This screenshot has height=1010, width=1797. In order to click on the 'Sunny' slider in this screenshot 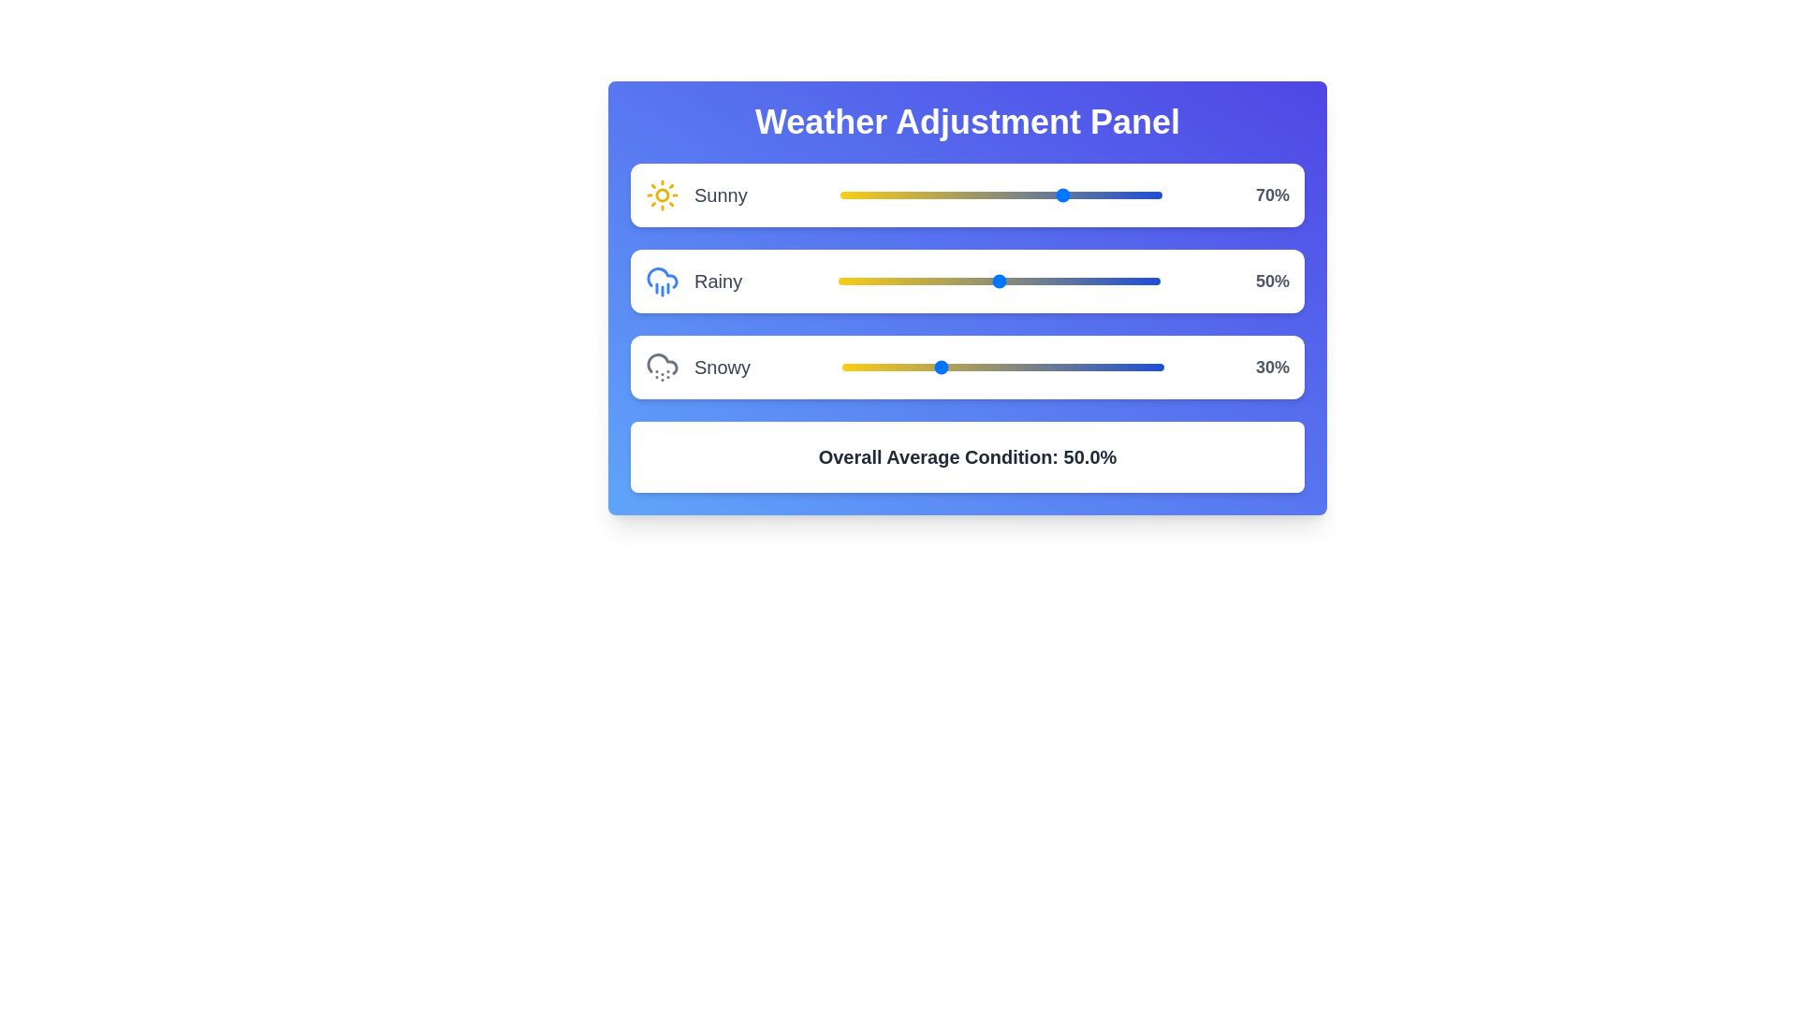, I will do `click(1075, 191)`.